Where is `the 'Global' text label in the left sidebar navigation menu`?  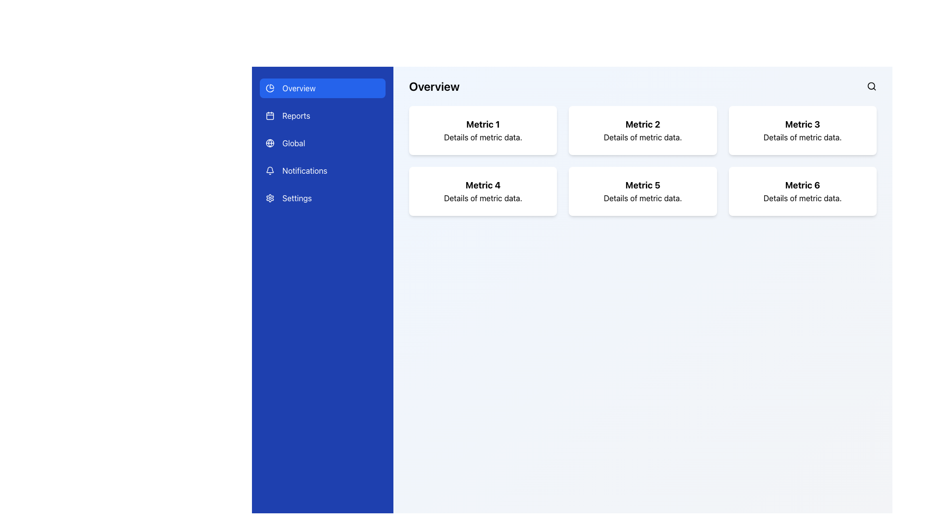
the 'Global' text label in the left sidebar navigation menu is located at coordinates (293, 143).